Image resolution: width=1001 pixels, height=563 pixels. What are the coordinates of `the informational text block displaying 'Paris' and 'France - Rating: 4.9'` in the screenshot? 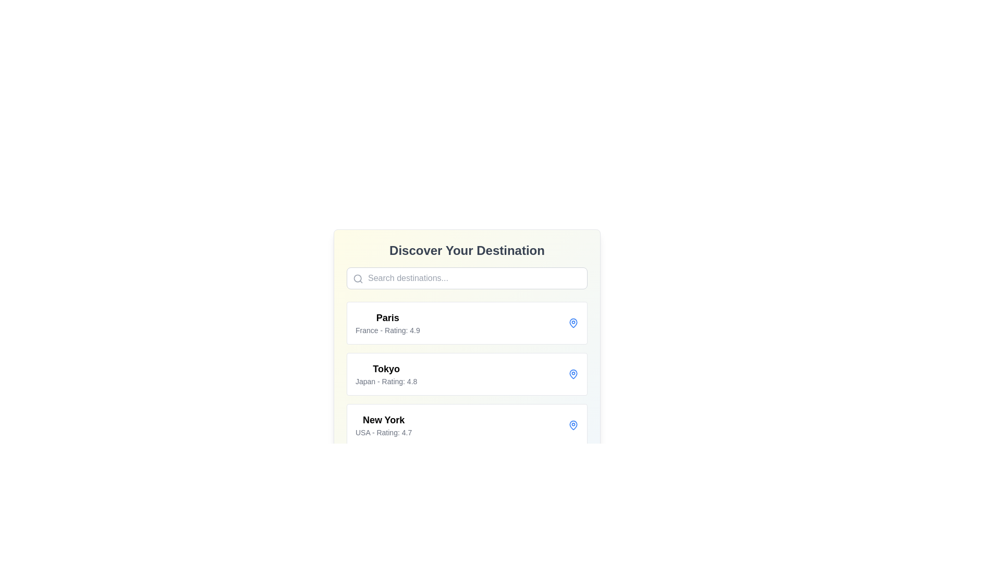 It's located at (387, 323).